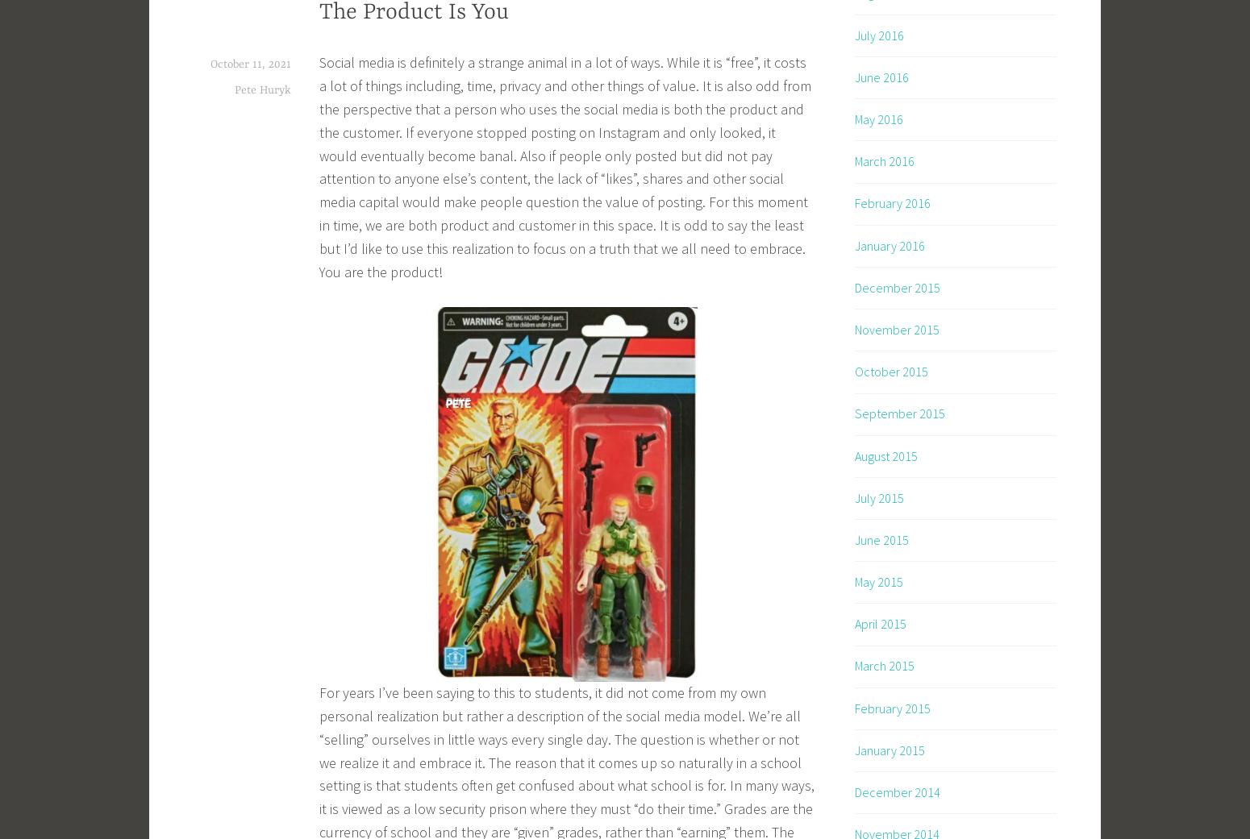  Describe the element at coordinates (892, 202) in the screenshot. I see `'February 2016'` at that location.